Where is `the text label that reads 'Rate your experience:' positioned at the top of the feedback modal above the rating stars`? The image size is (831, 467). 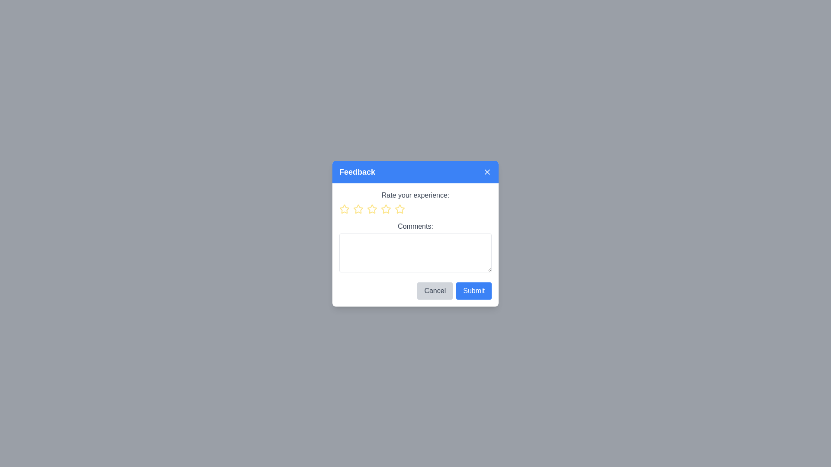
the text label that reads 'Rate your experience:' positioned at the top of the feedback modal above the rating stars is located at coordinates (415, 195).